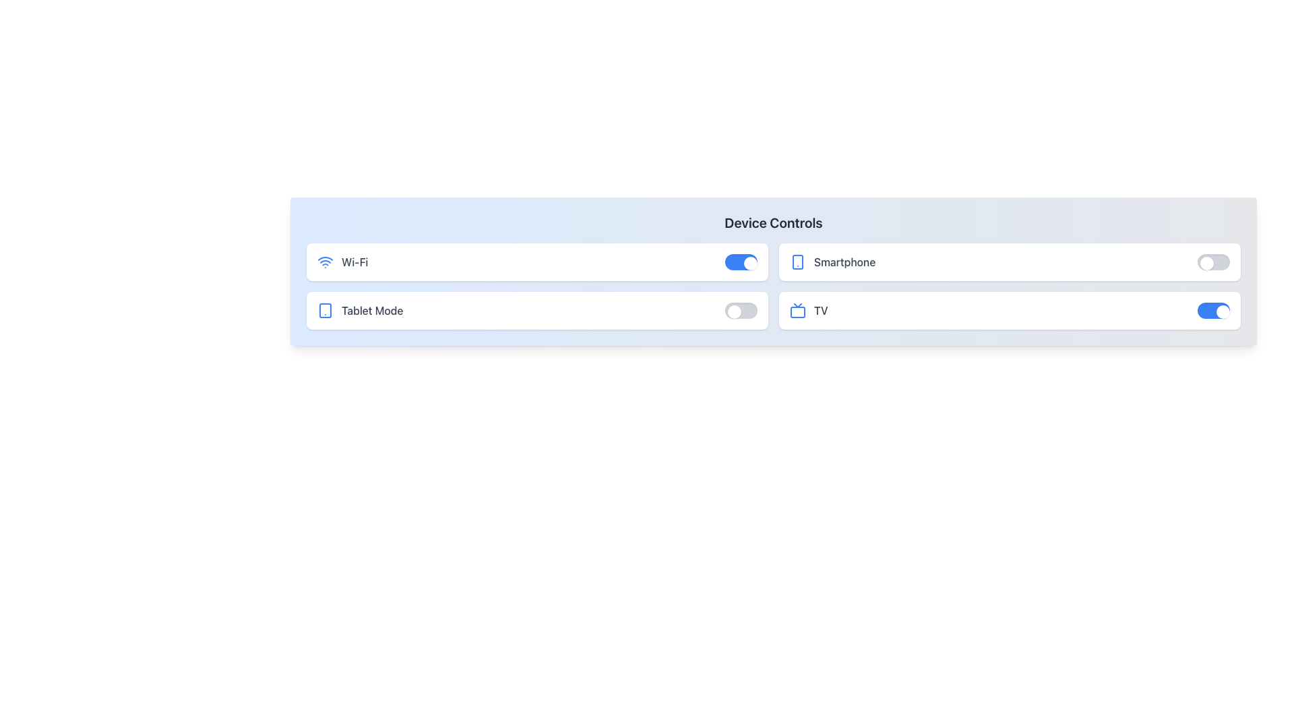 Image resolution: width=1294 pixels, height=728 pixels. What do you see at coordinates (740, 262) in the screenshot?
I see `the toggle switch in the 'Wi-Fi' control card` at bounding box center [740, 262].